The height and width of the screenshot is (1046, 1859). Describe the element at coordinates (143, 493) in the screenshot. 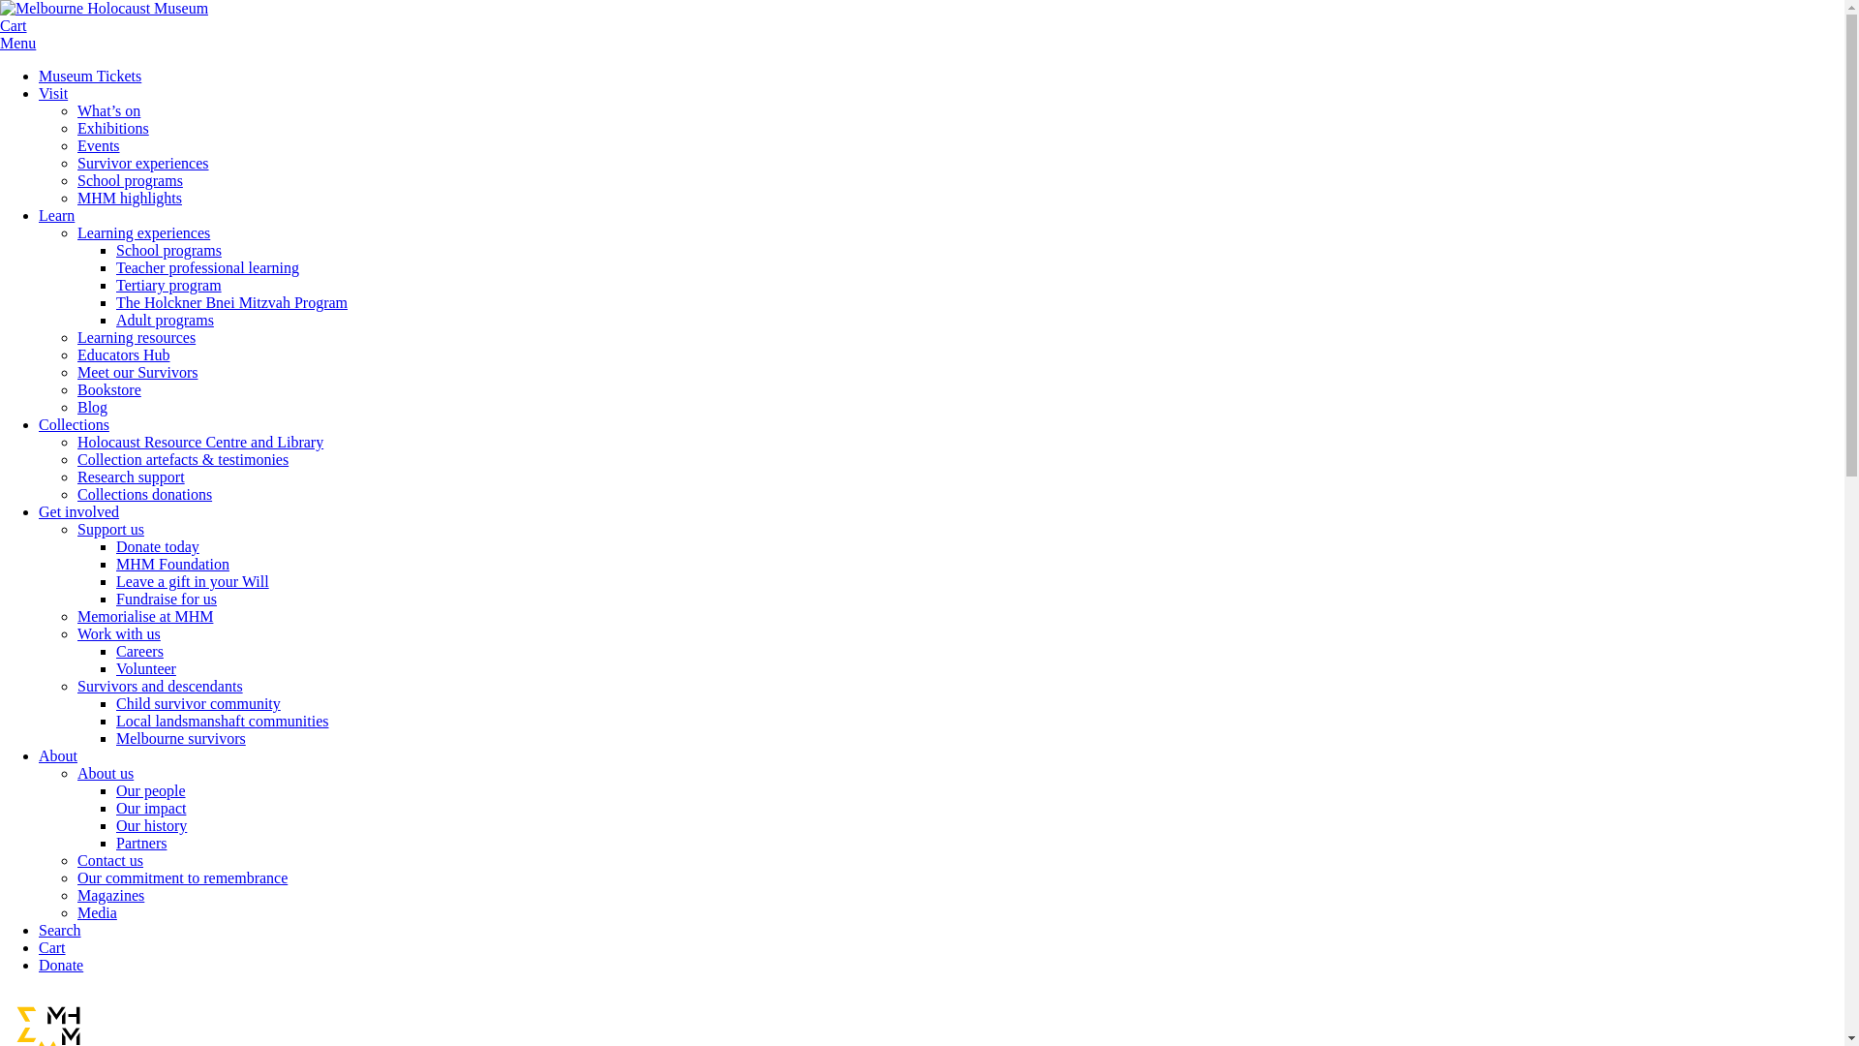

I see `'Collections donations'` at that location.